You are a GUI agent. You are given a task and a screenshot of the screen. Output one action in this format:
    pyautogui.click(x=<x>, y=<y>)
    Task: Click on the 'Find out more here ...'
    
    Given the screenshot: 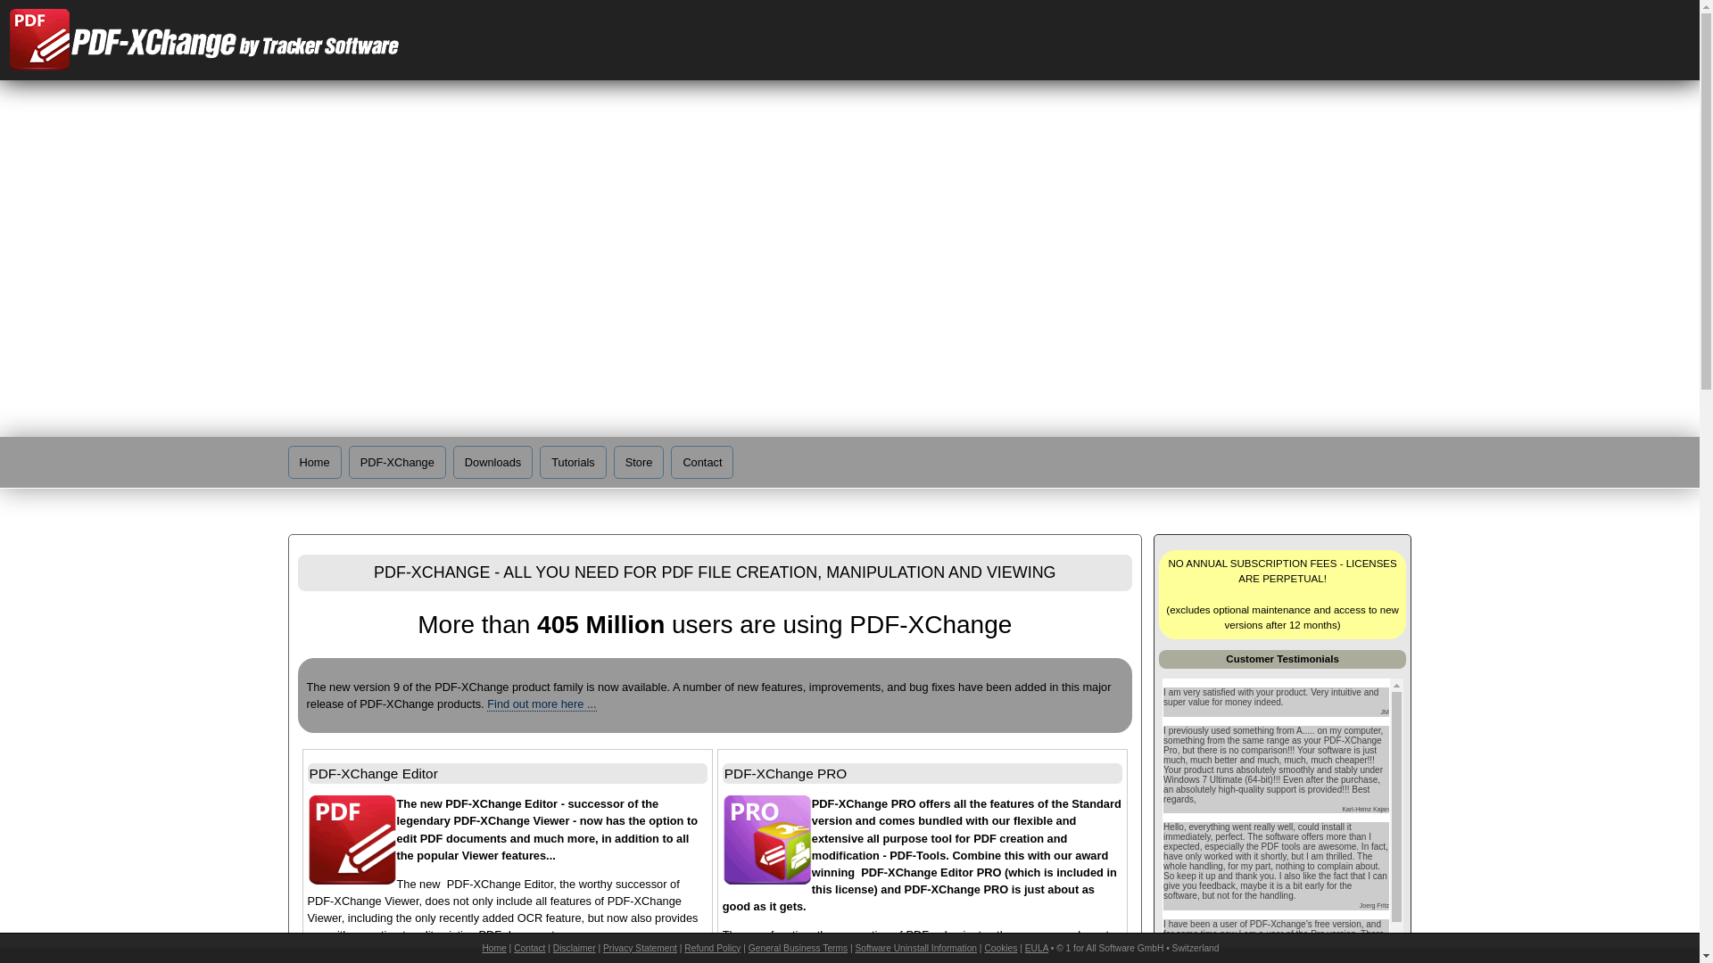 What is the action you would take?
    pyautogui.click(x=540, y=704)
    